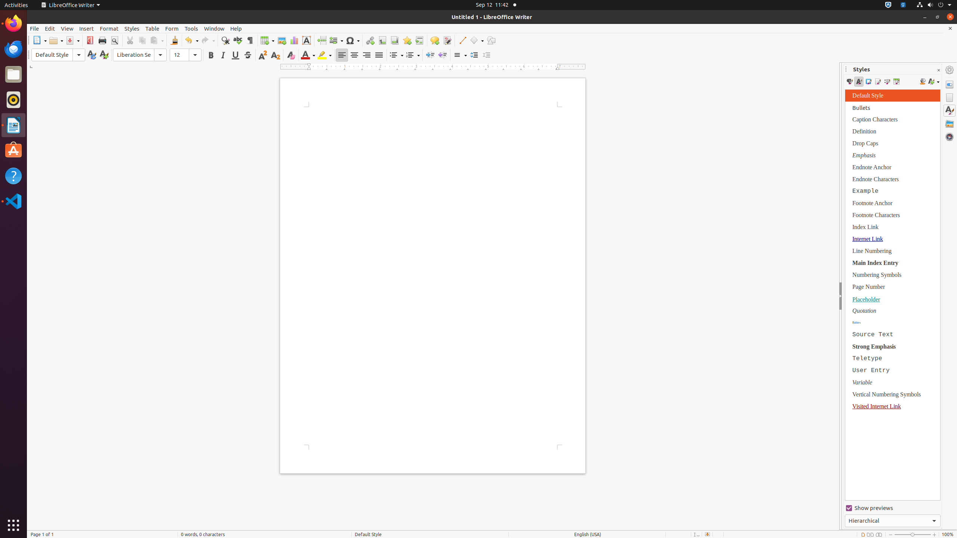 This screenshot has height=538, width=957. What do you see at coordinates (157, 40) in the screenshot?
I see `'Paste'` at bounding box center [157, 40].